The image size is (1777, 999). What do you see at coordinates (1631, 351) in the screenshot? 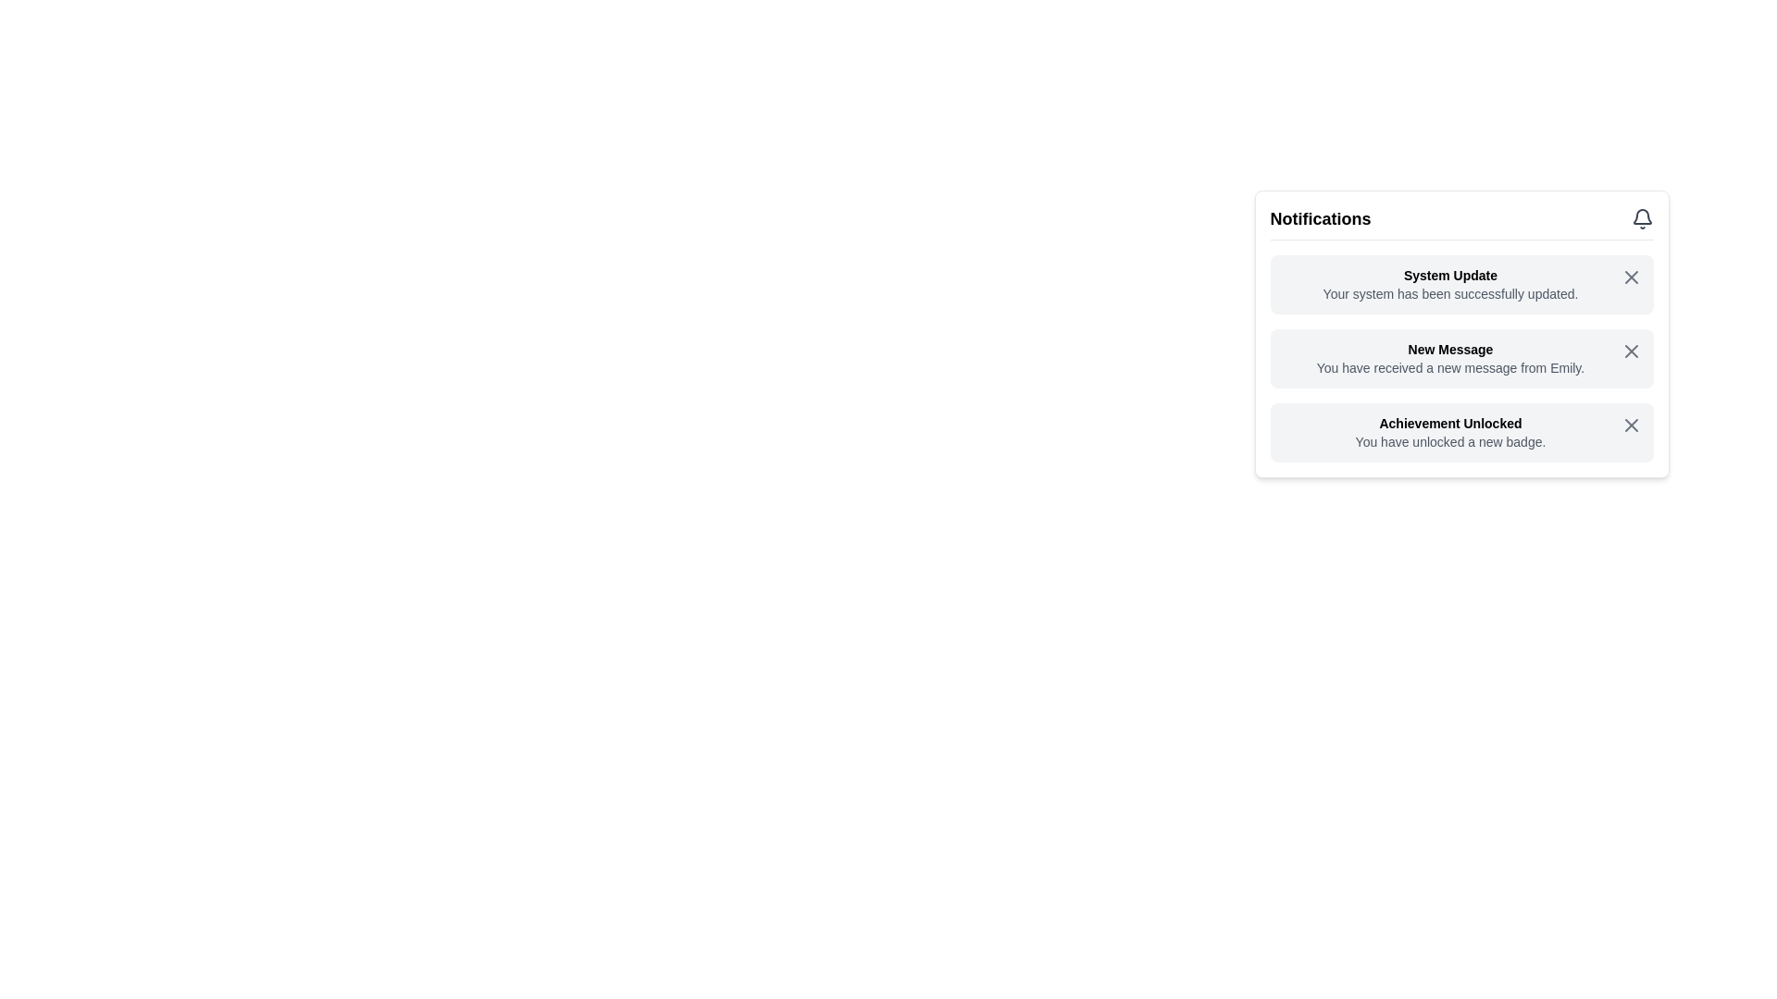
I see `the 'X' shape icon` at bounding box center [1631, 351].